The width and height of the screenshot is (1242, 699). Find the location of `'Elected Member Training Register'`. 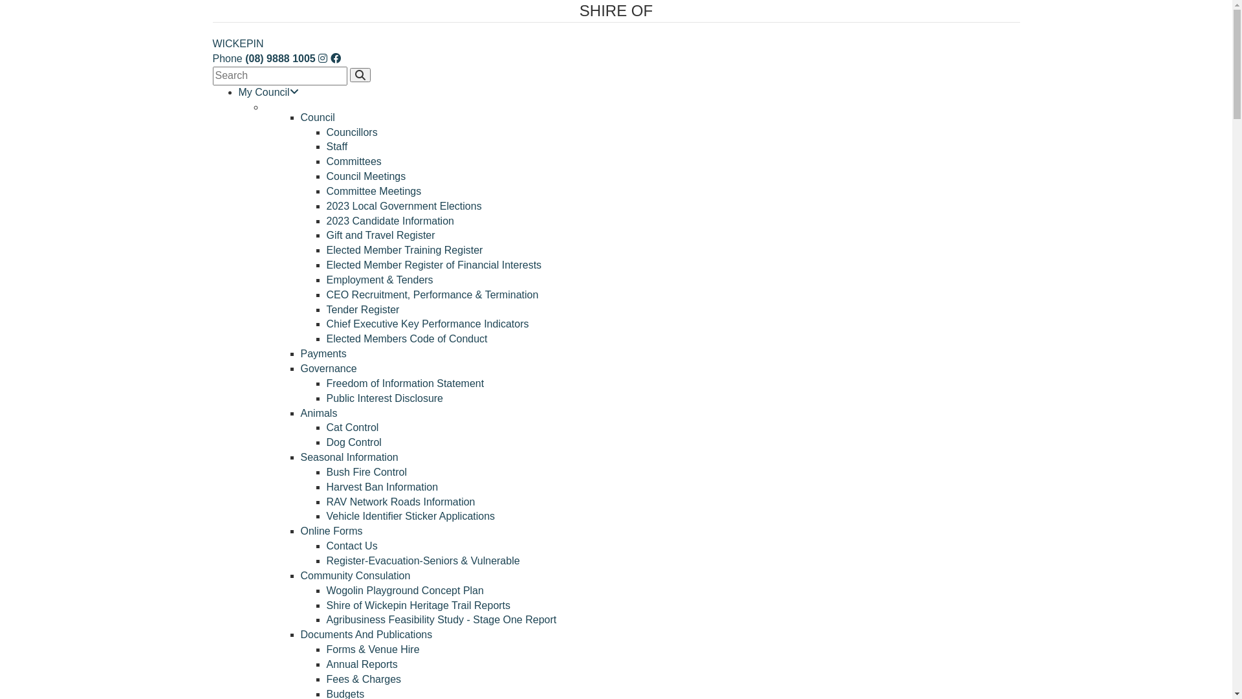

'Elected Member Training Register' is located at coordinates (403, 250).